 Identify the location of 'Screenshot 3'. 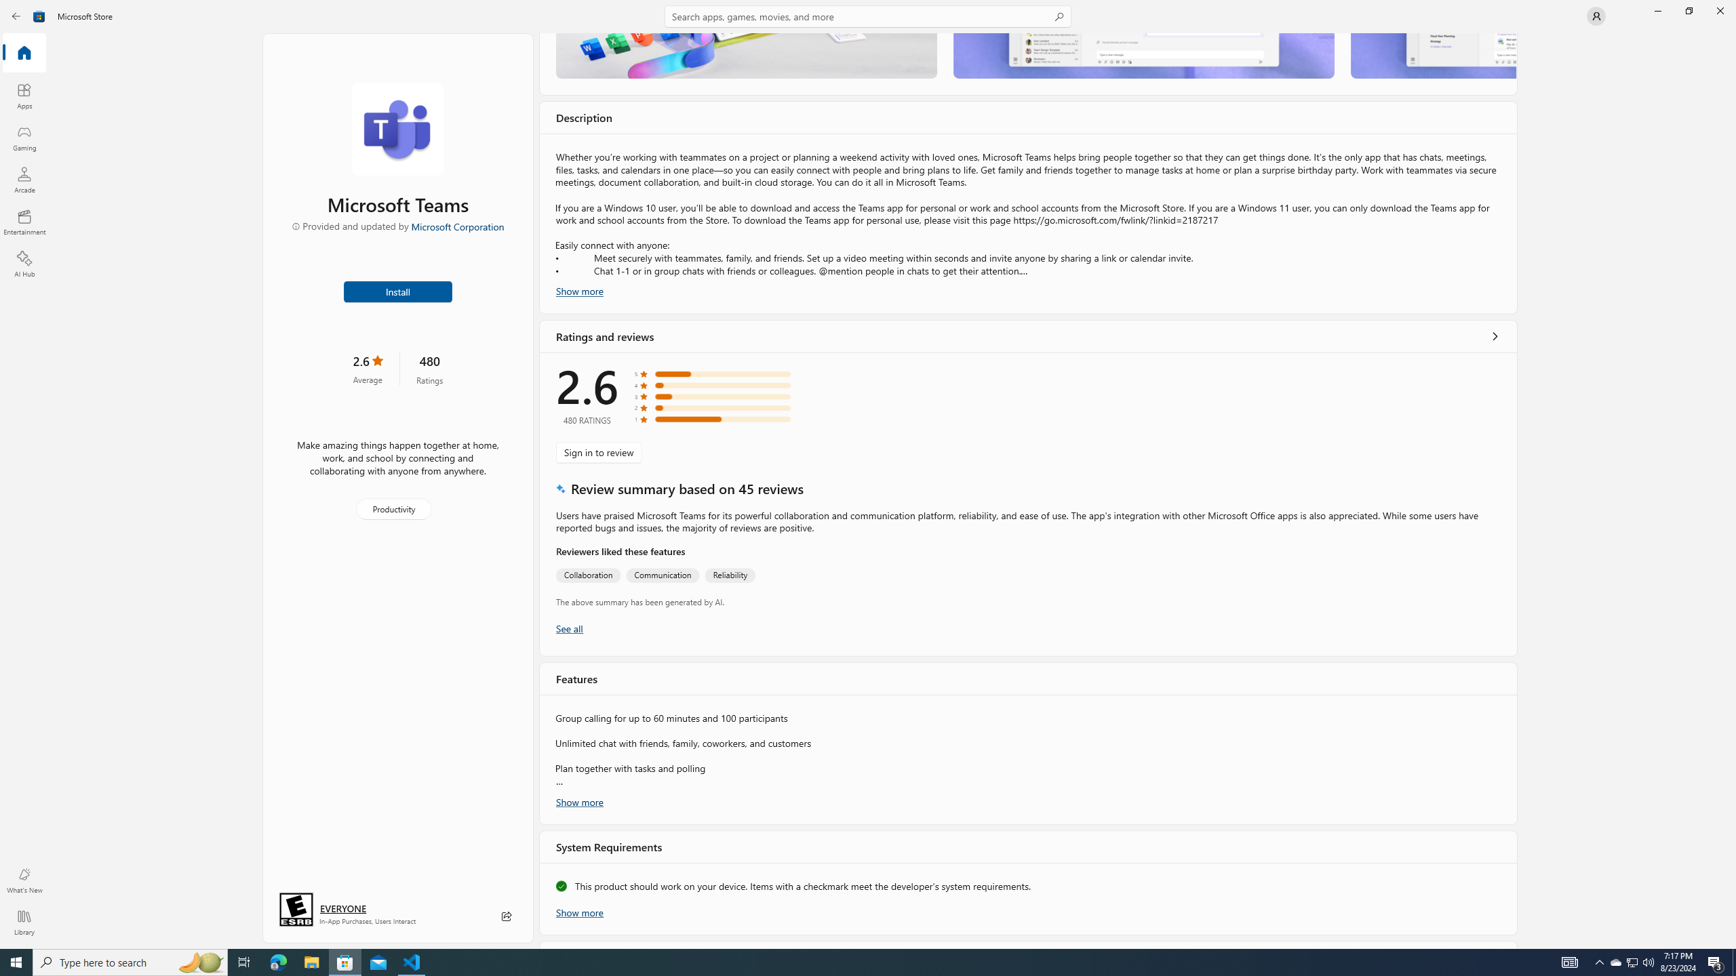
(1432, 55).